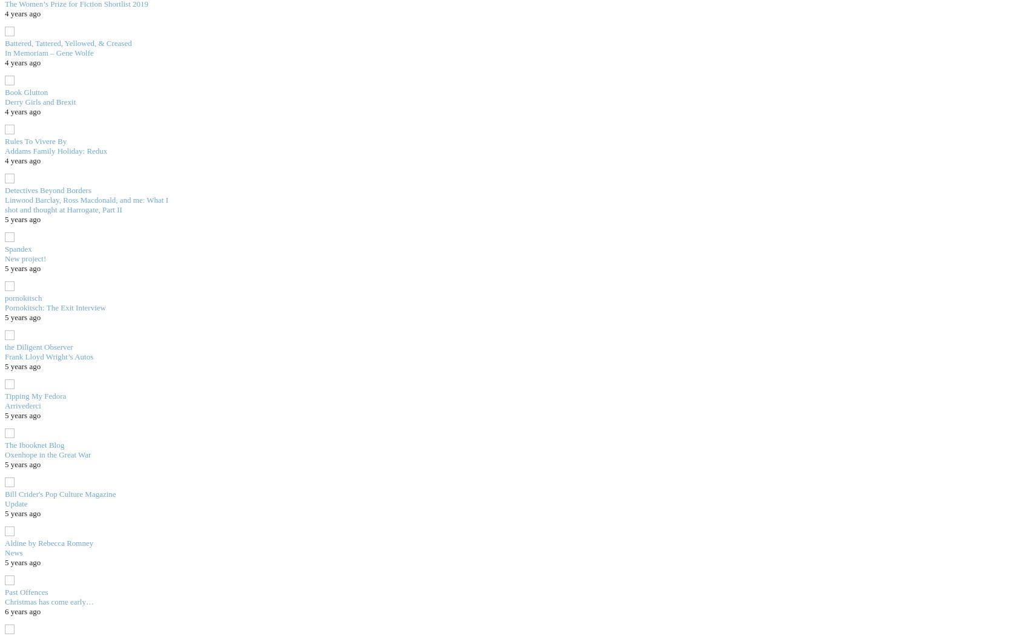 This screenshot has height=636, width=1036. What do you see at coordinates (59, 493) in the screenshot?
I see `'Bill Crider's Pop Culture Magazine'` at bounding box center [59, 493].